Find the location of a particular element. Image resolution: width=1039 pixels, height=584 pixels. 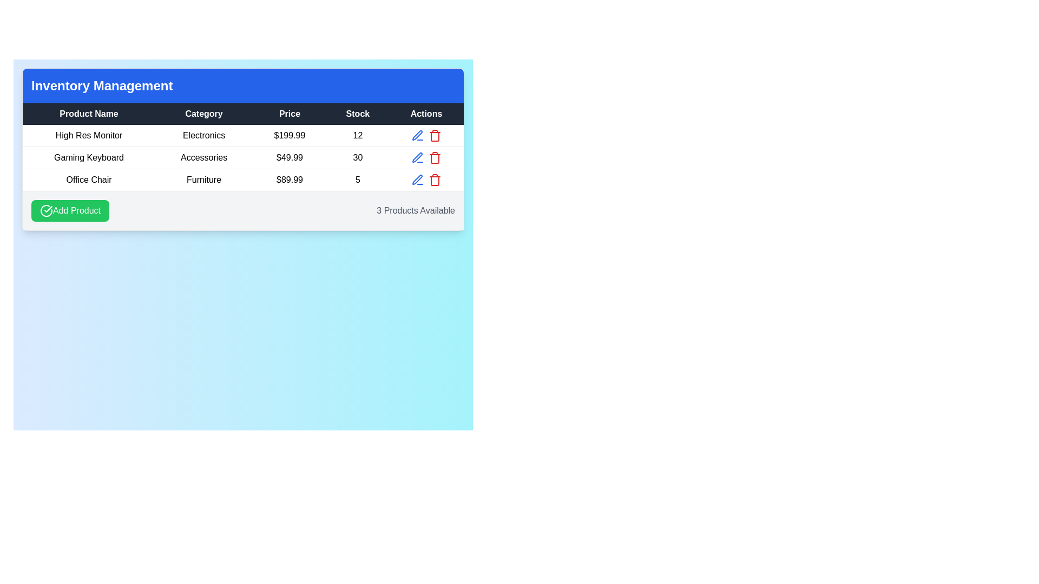

the visual representation of success by focusing on the checkmark graphic element located within the 'Add Product' button area is located at coordinates (48, 209).